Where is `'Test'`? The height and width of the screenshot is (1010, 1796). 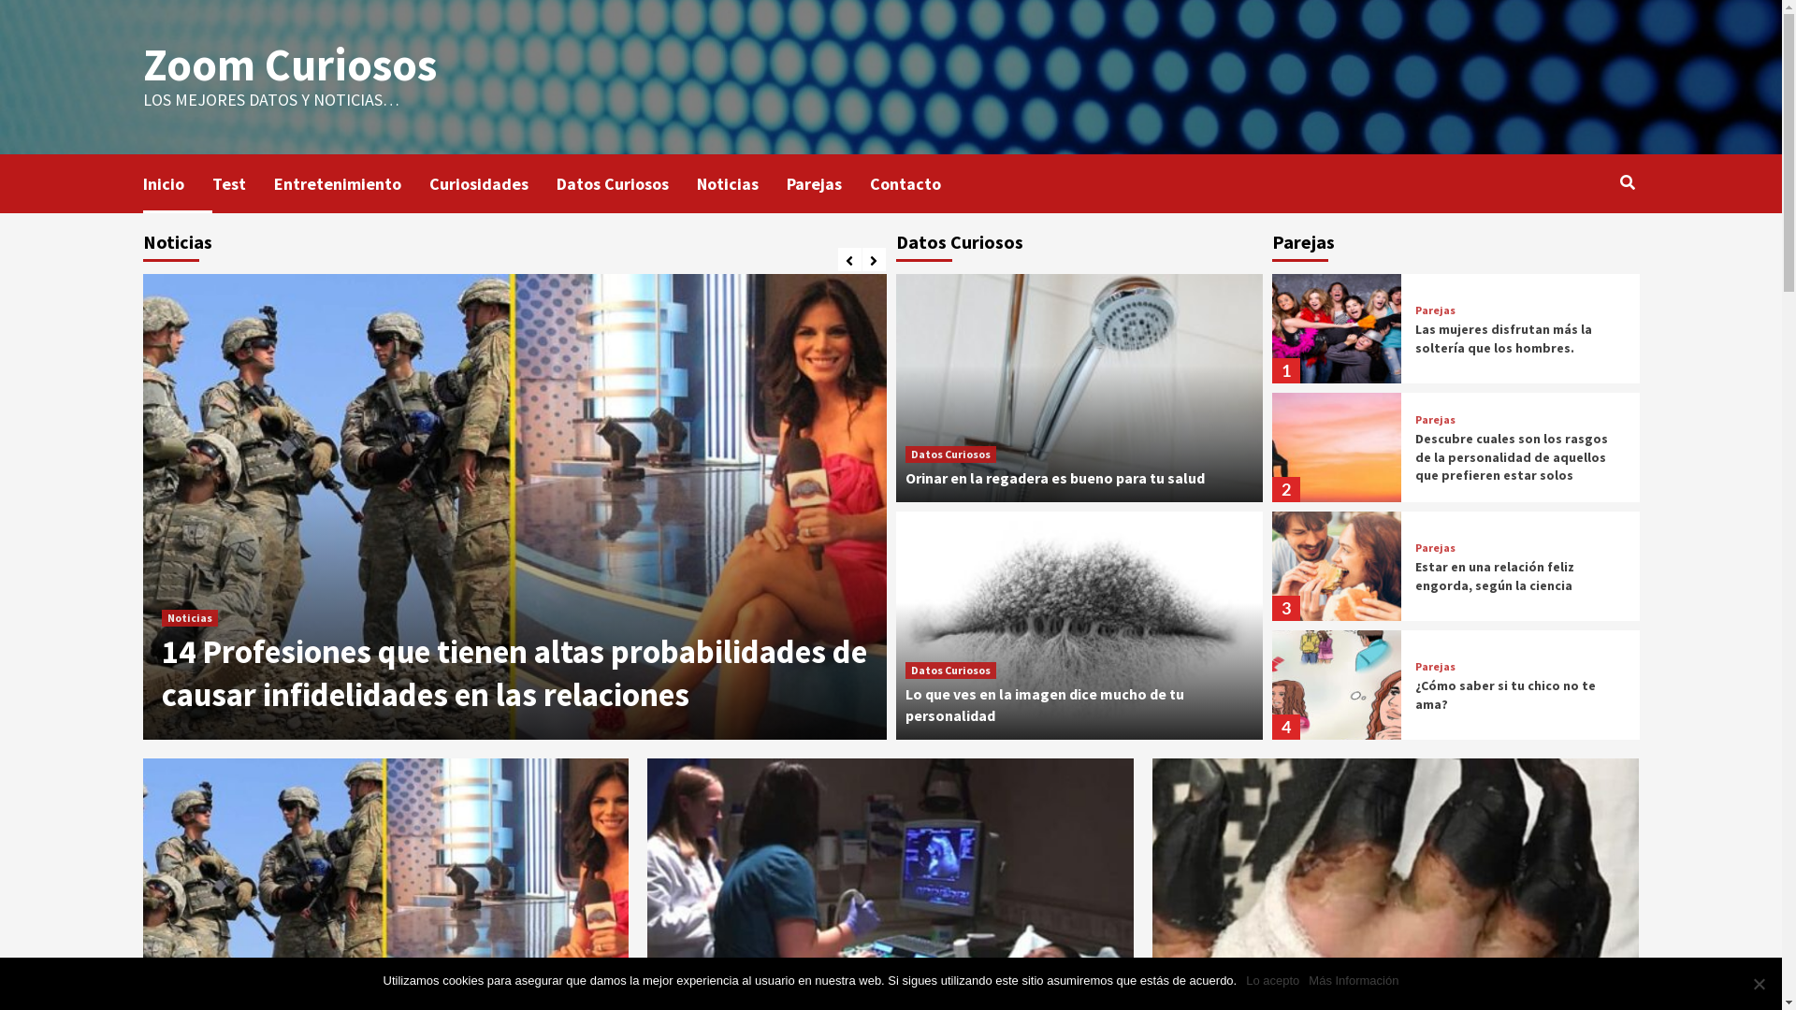 'Test' is located at coordinates (241, 183).